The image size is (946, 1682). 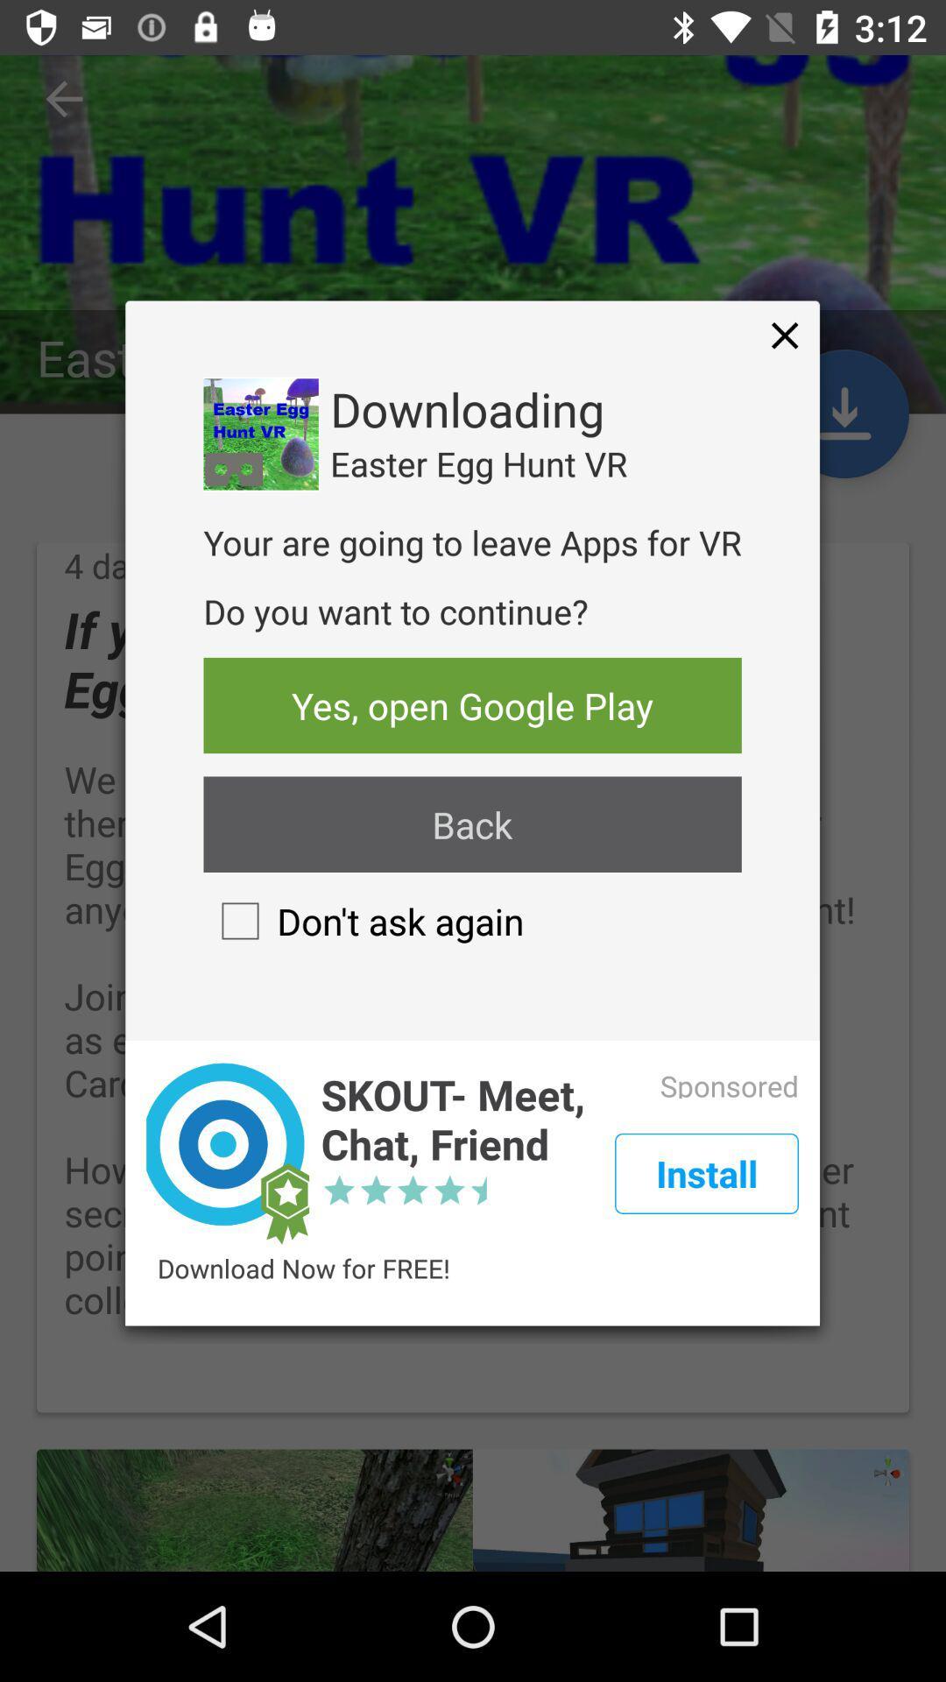 I want to click on the yes open google, so click(x=471, y=705).